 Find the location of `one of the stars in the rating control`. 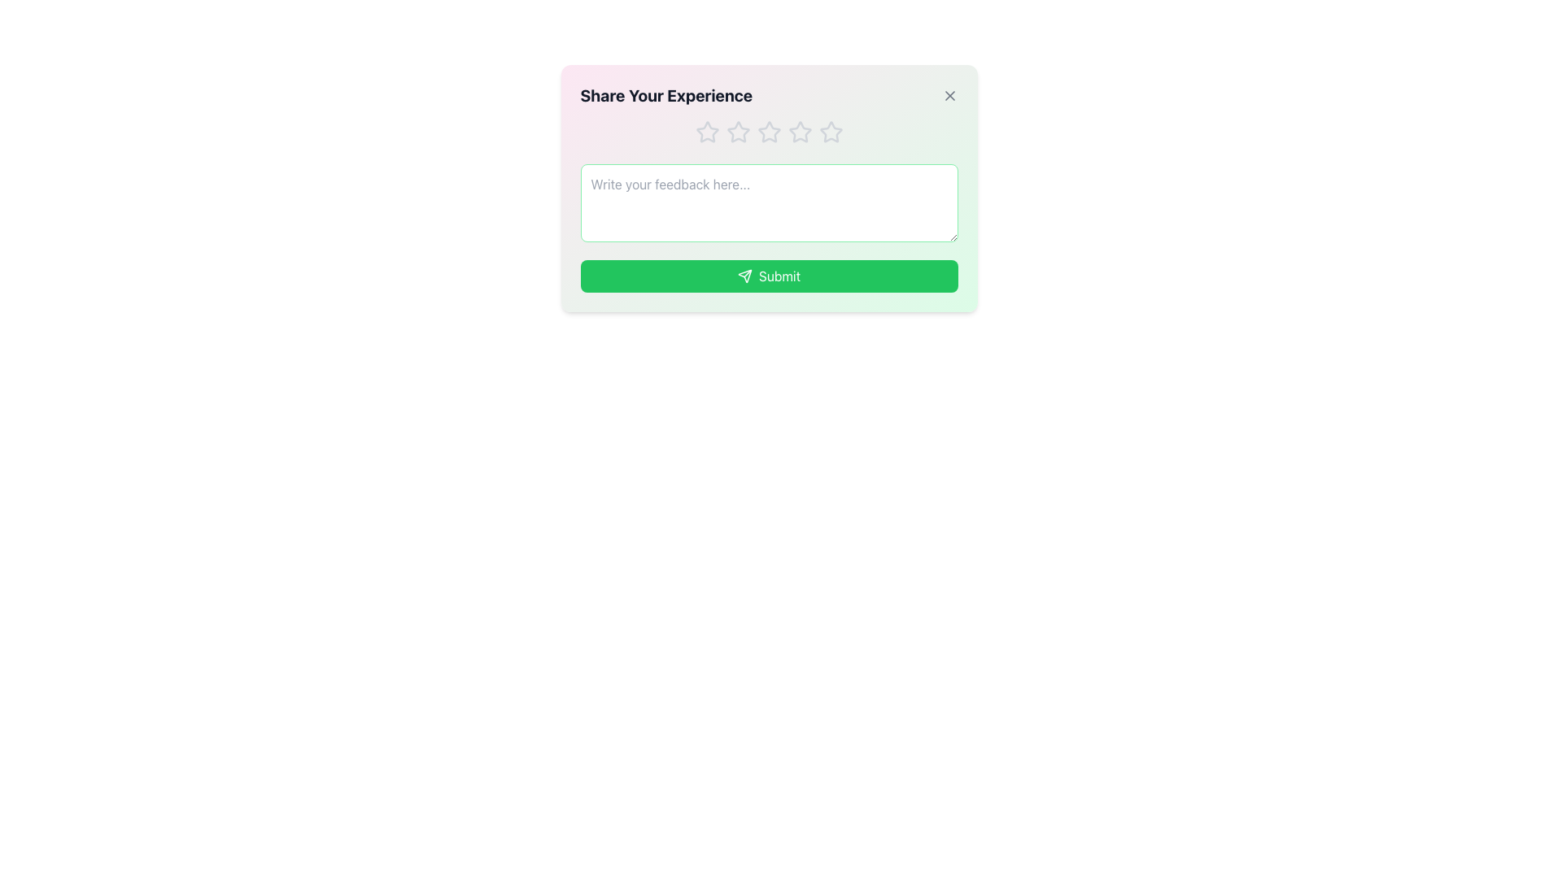

one of the stars in the rating control is located at coordinates (768, 131).